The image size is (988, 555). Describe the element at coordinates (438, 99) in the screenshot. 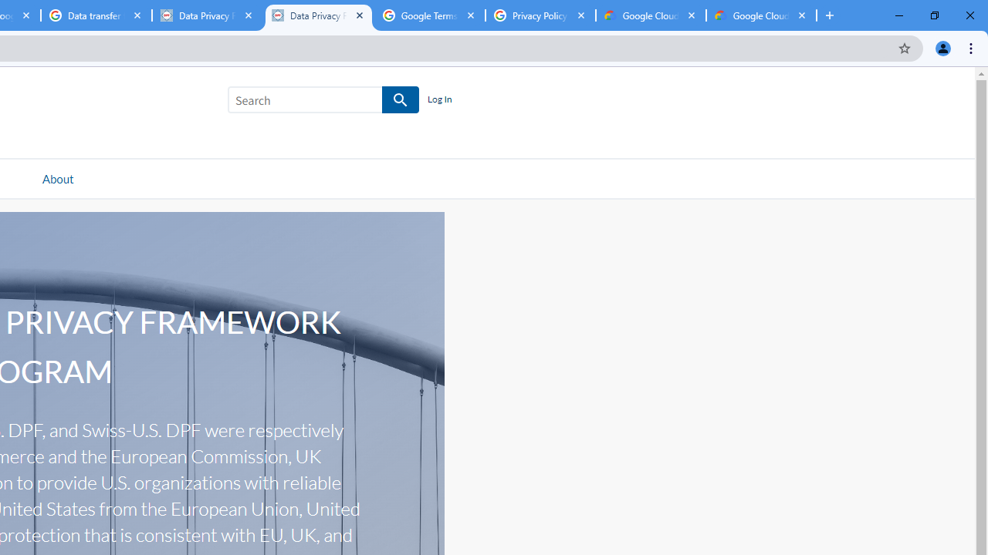

I see `'Log In'` at that location.